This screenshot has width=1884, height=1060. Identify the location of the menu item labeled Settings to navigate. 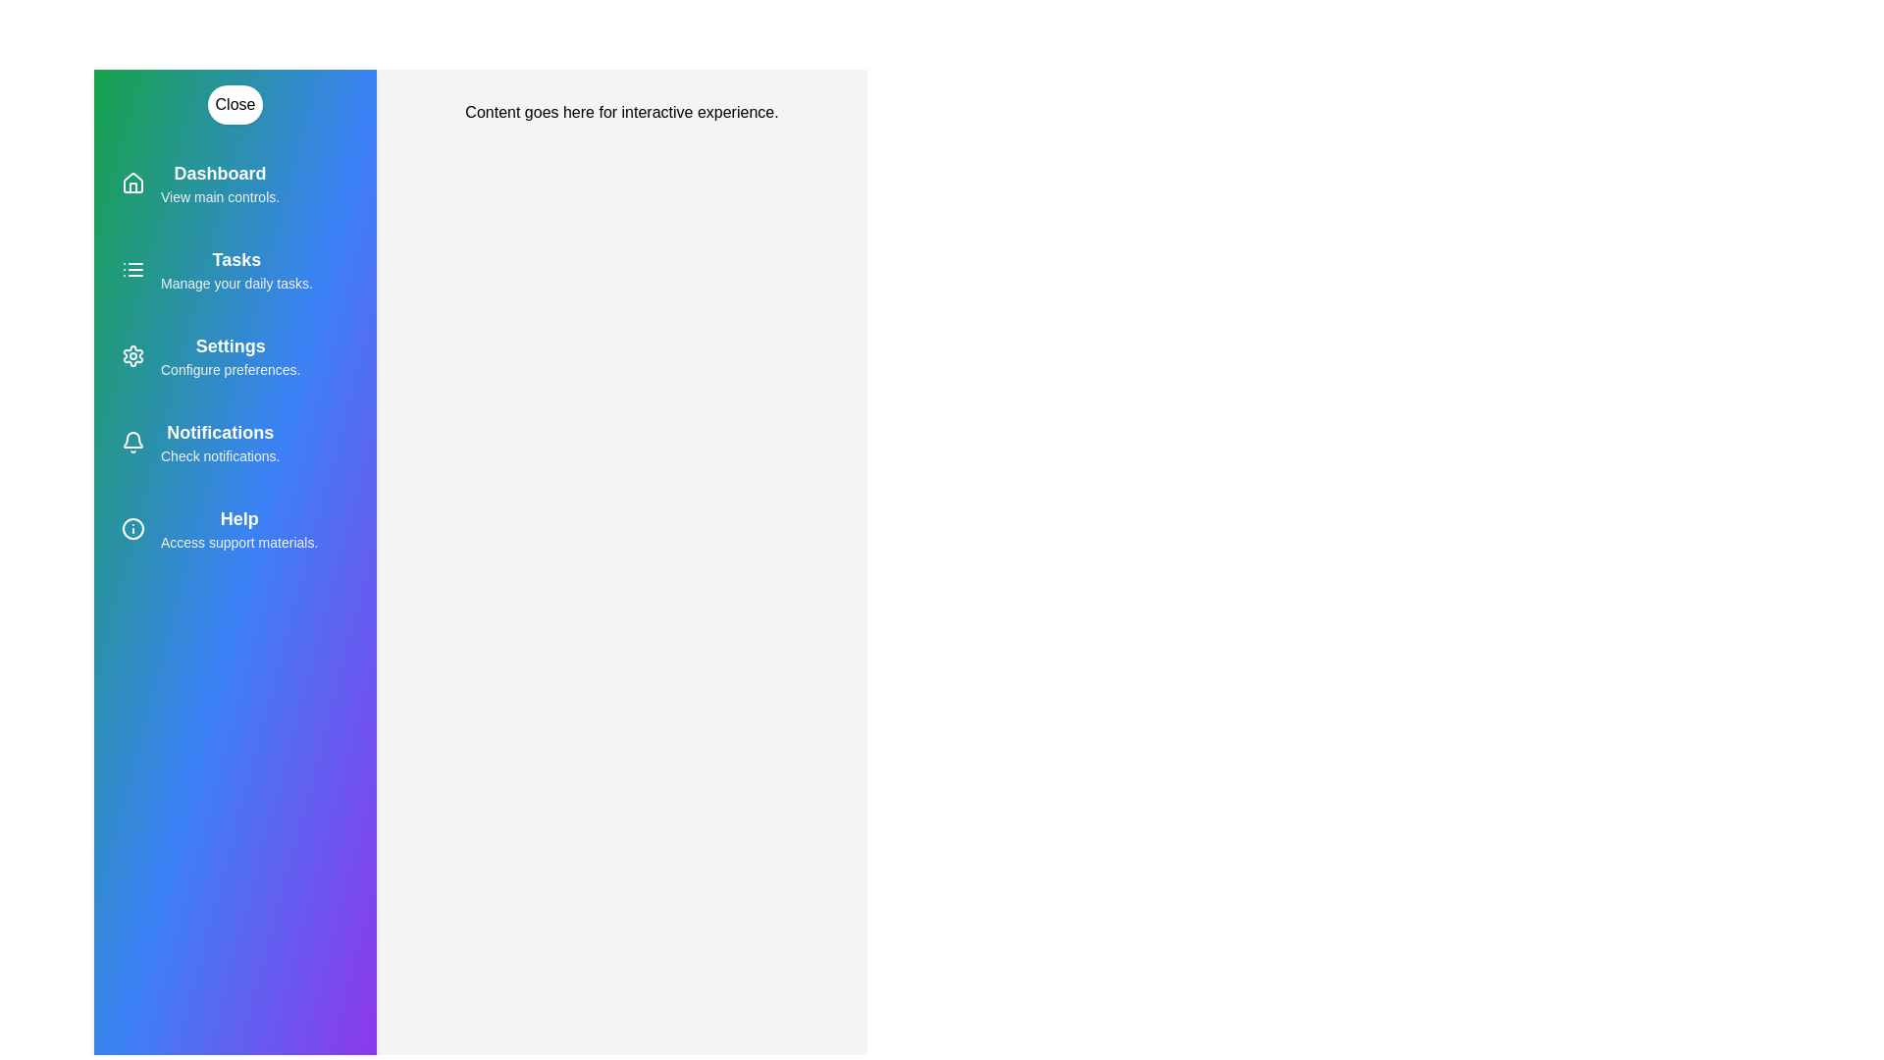
(235, 355).